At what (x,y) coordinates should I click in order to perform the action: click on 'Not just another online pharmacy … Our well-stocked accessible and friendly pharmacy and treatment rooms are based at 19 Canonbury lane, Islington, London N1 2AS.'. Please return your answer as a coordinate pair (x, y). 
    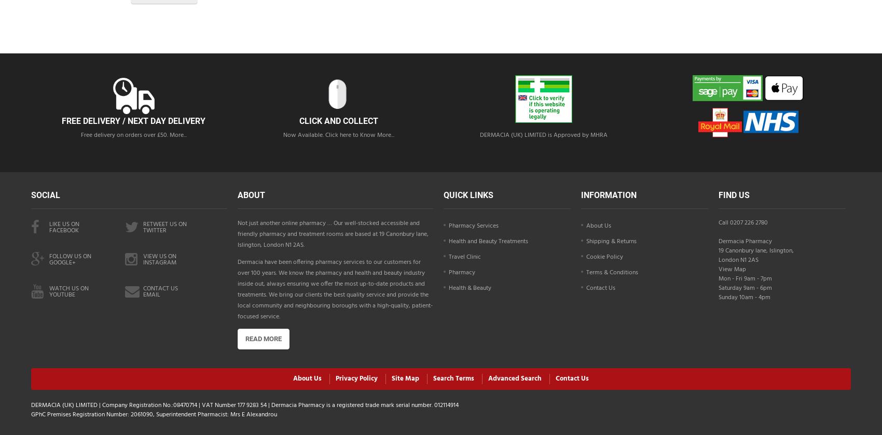
    Looking at the image, I should click on (333, 233).